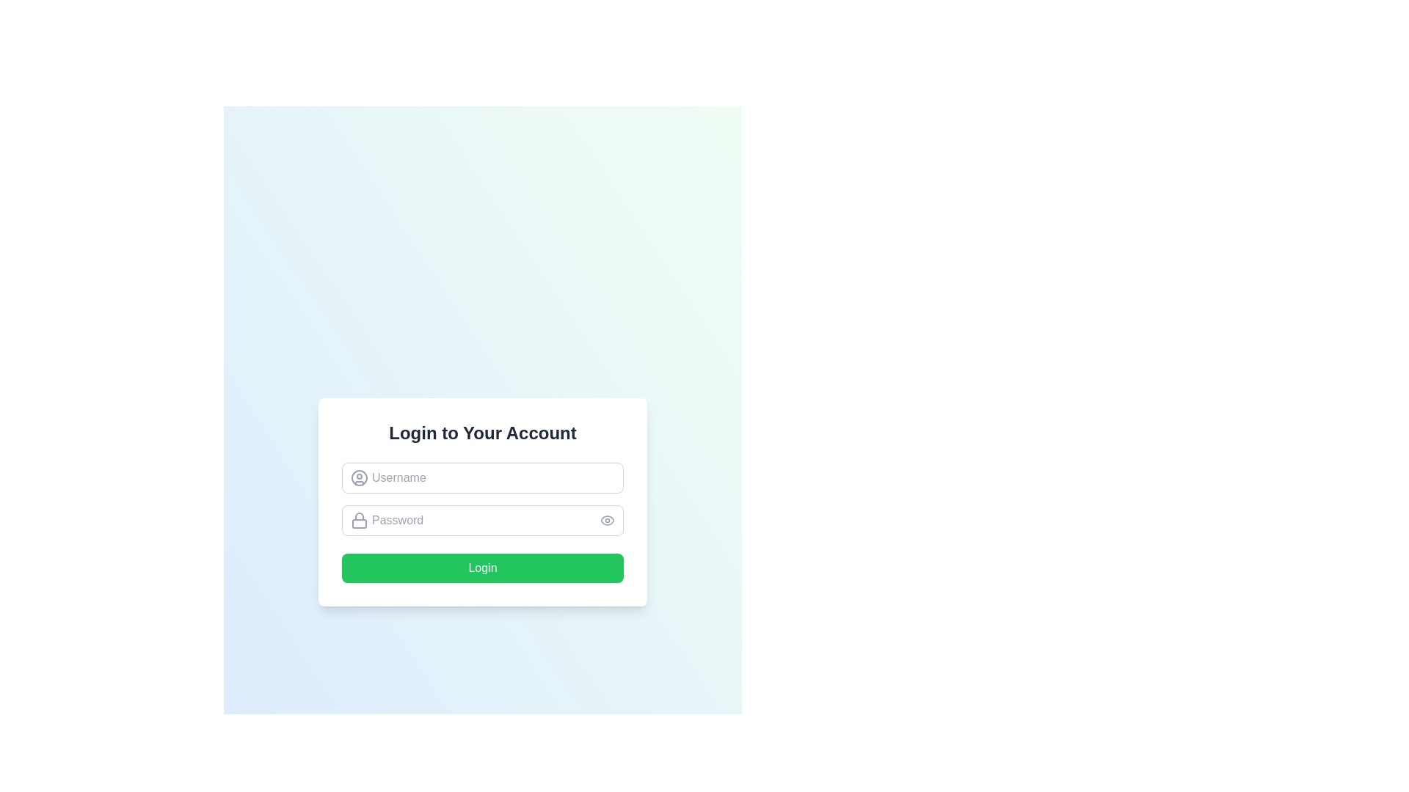 The height and width of the screenshot is (792, 1409). I want to click on the eye-shaped icon button located at the far right end of the password entry field, so click(608, 519).